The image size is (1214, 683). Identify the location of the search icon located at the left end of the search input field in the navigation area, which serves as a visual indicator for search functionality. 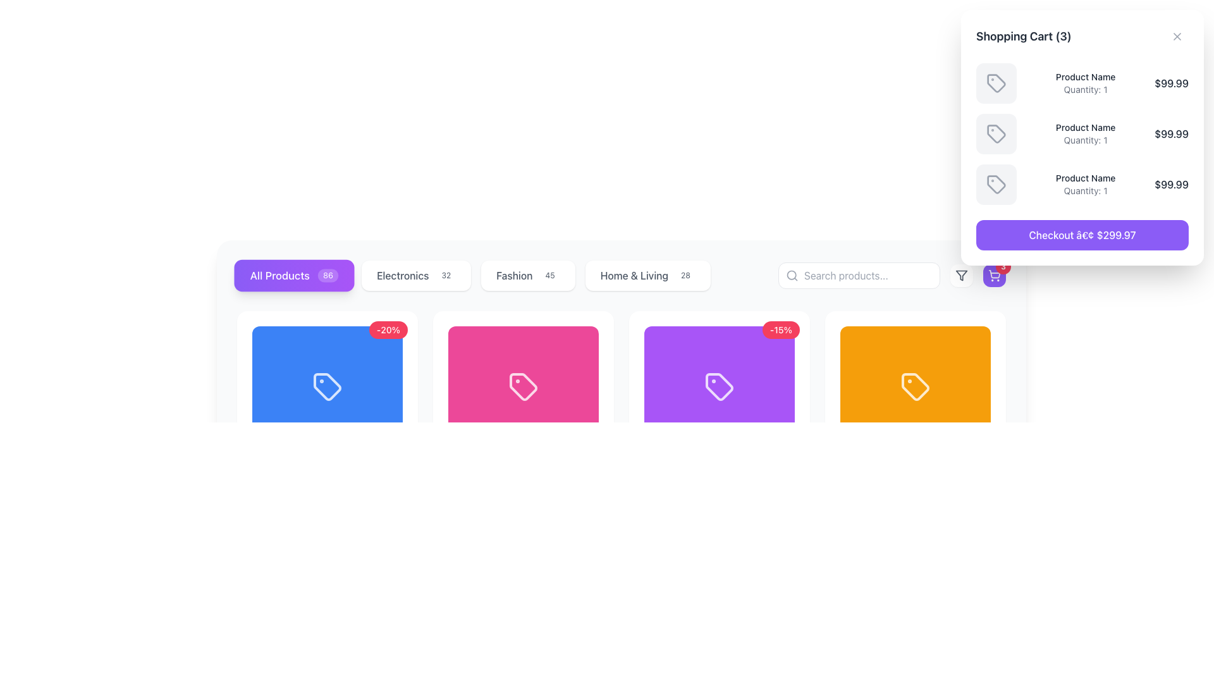
(791, 274).